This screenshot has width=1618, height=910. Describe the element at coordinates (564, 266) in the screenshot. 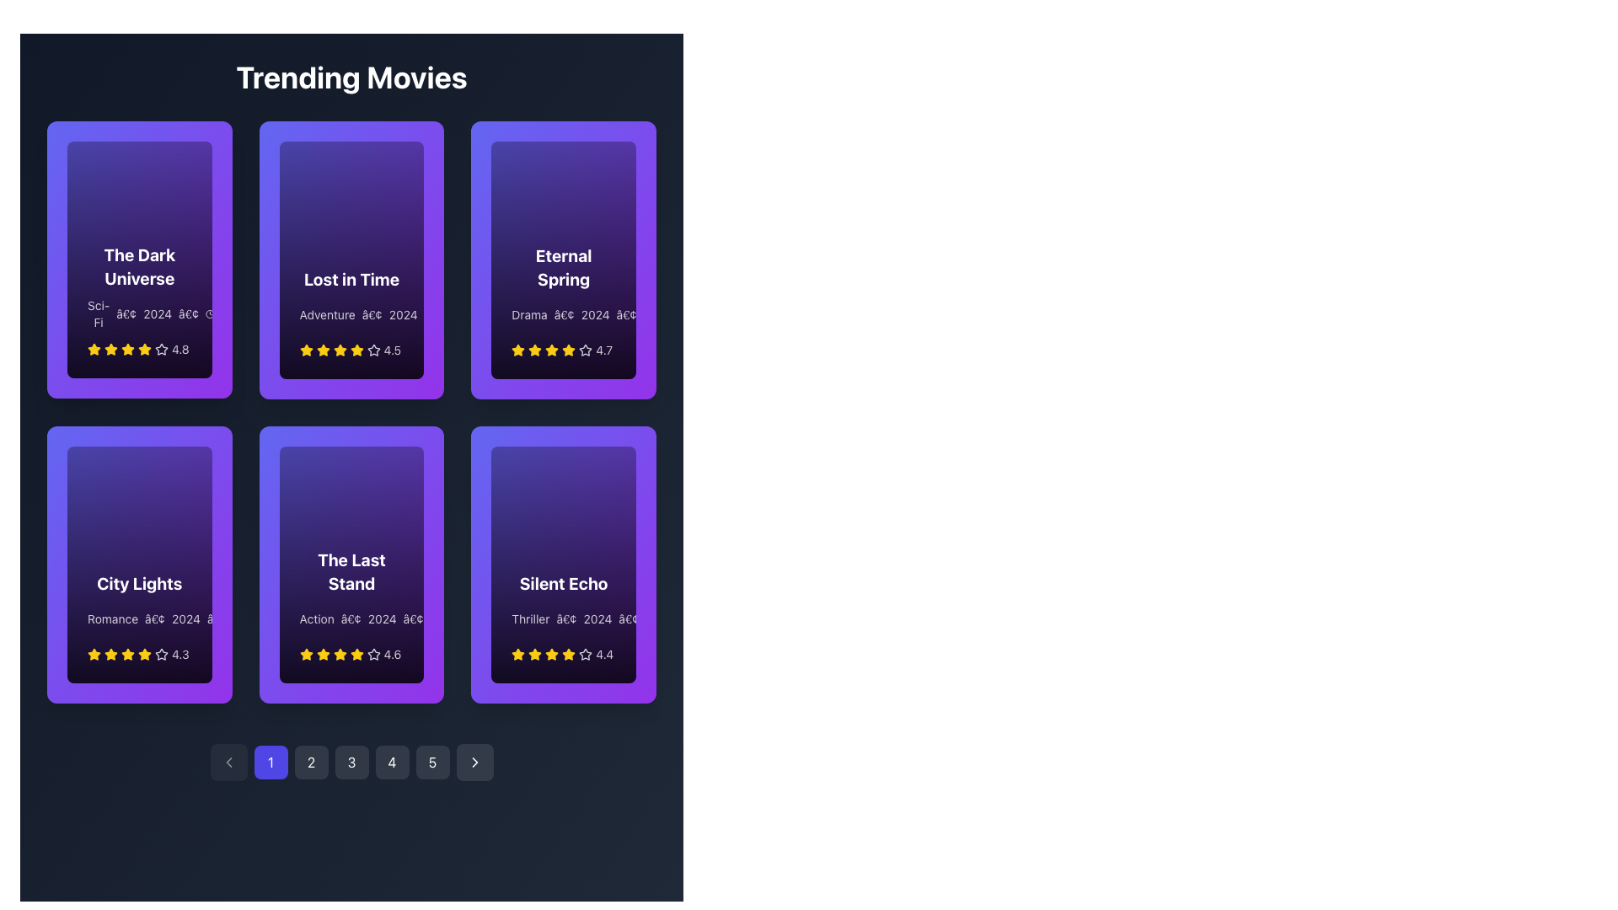

I see `the 'Eternal Spring' text element, which is displayed in a large, bold white font on a purple background, to emphasize it` at that location.